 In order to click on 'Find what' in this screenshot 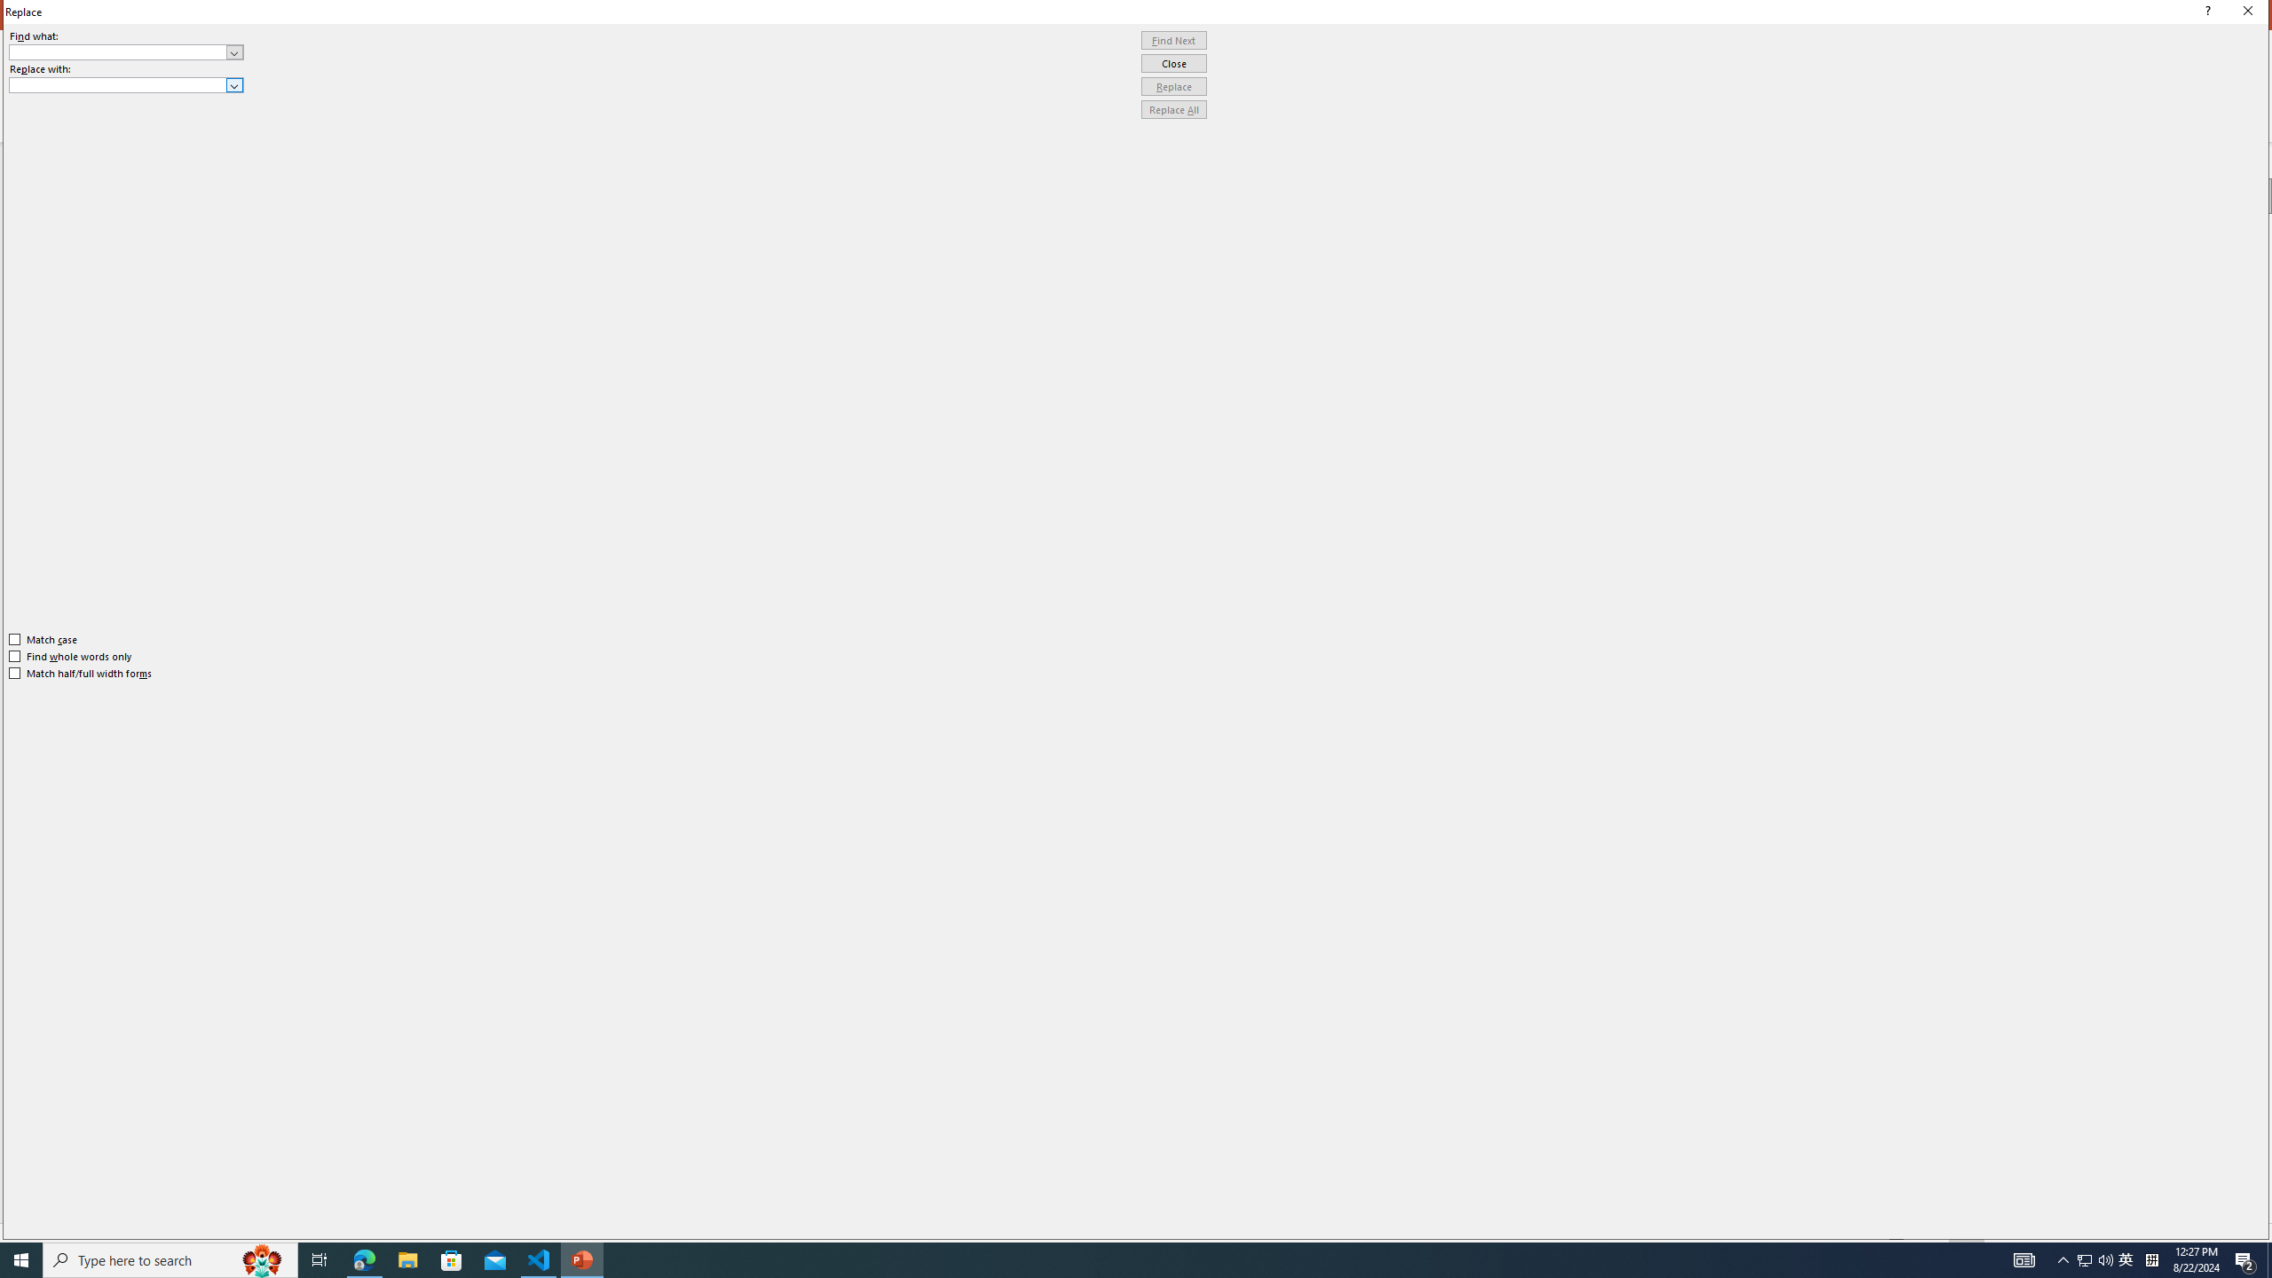, I will do `click(126, 51)`.